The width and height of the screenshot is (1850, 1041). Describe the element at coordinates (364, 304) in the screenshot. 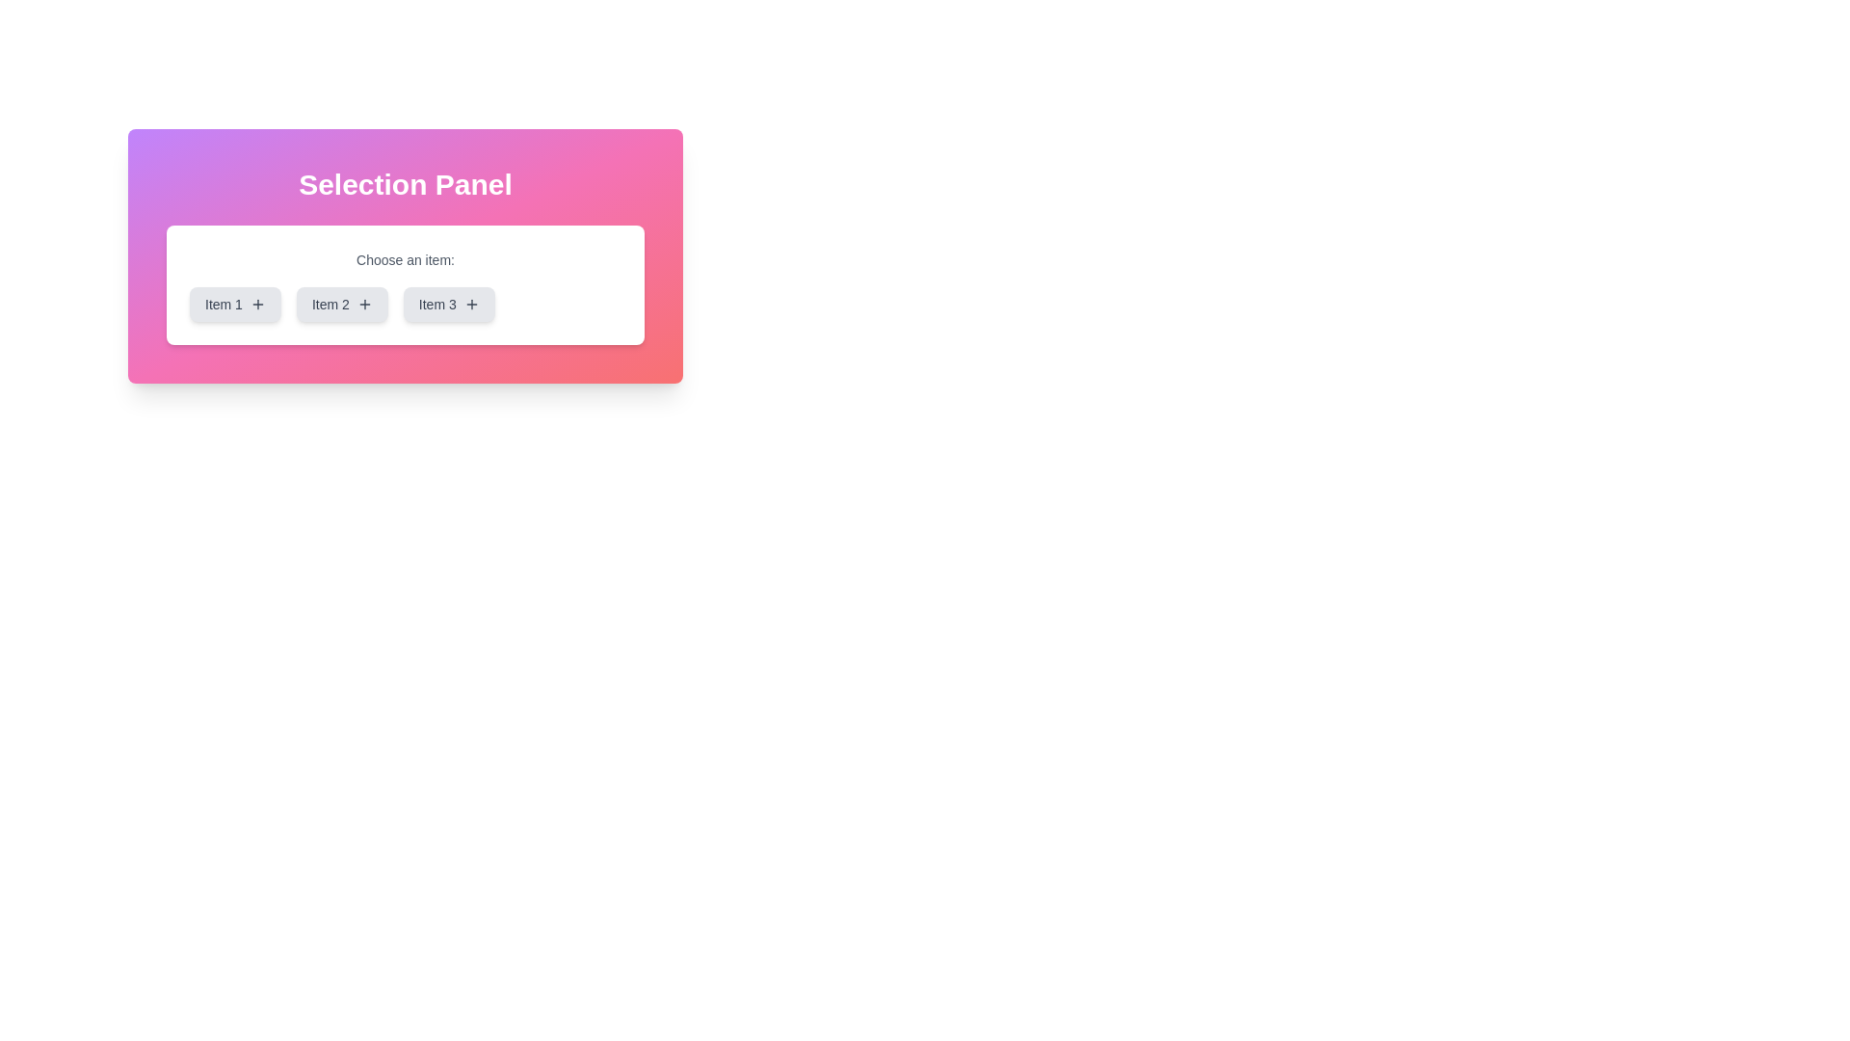

I see `the 'plus' icon located to the right of the 'Item 2' button` at that location.